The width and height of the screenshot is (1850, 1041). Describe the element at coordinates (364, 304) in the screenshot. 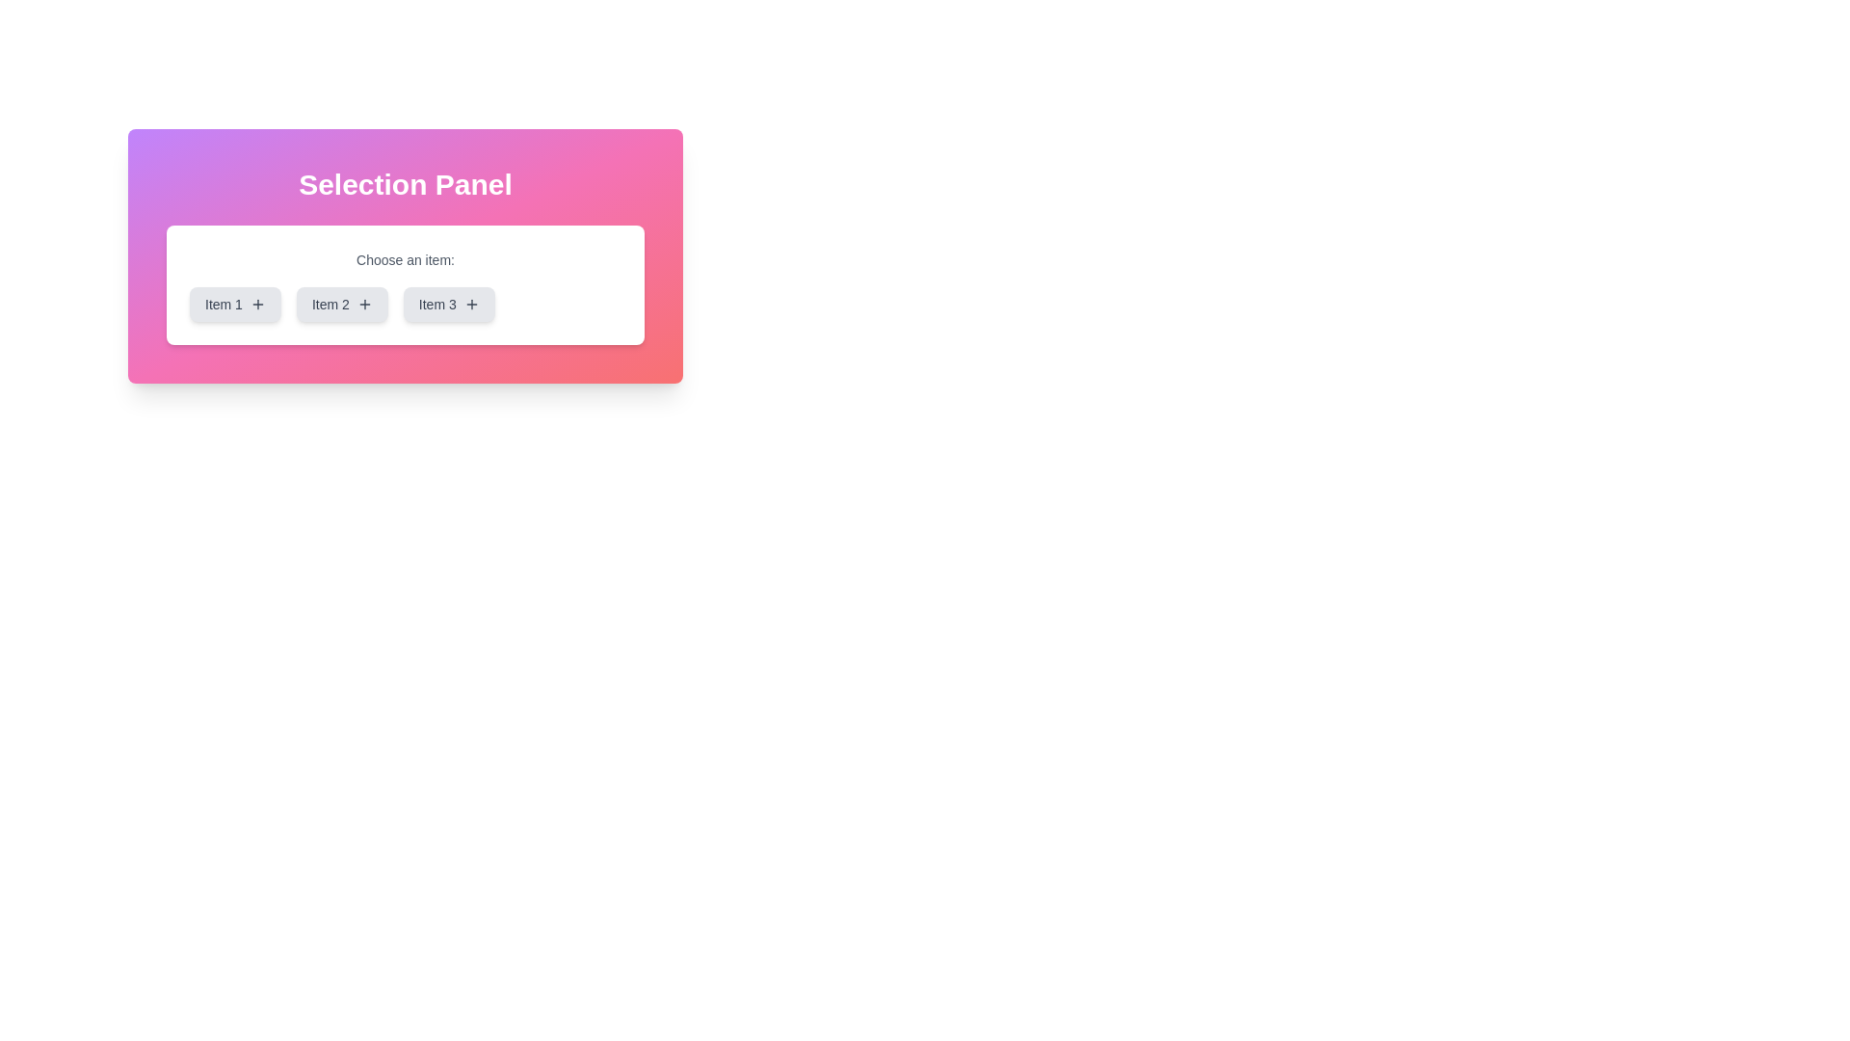

I see `the 'plus' icon located to the right of the 'Item 2' button` at that location.